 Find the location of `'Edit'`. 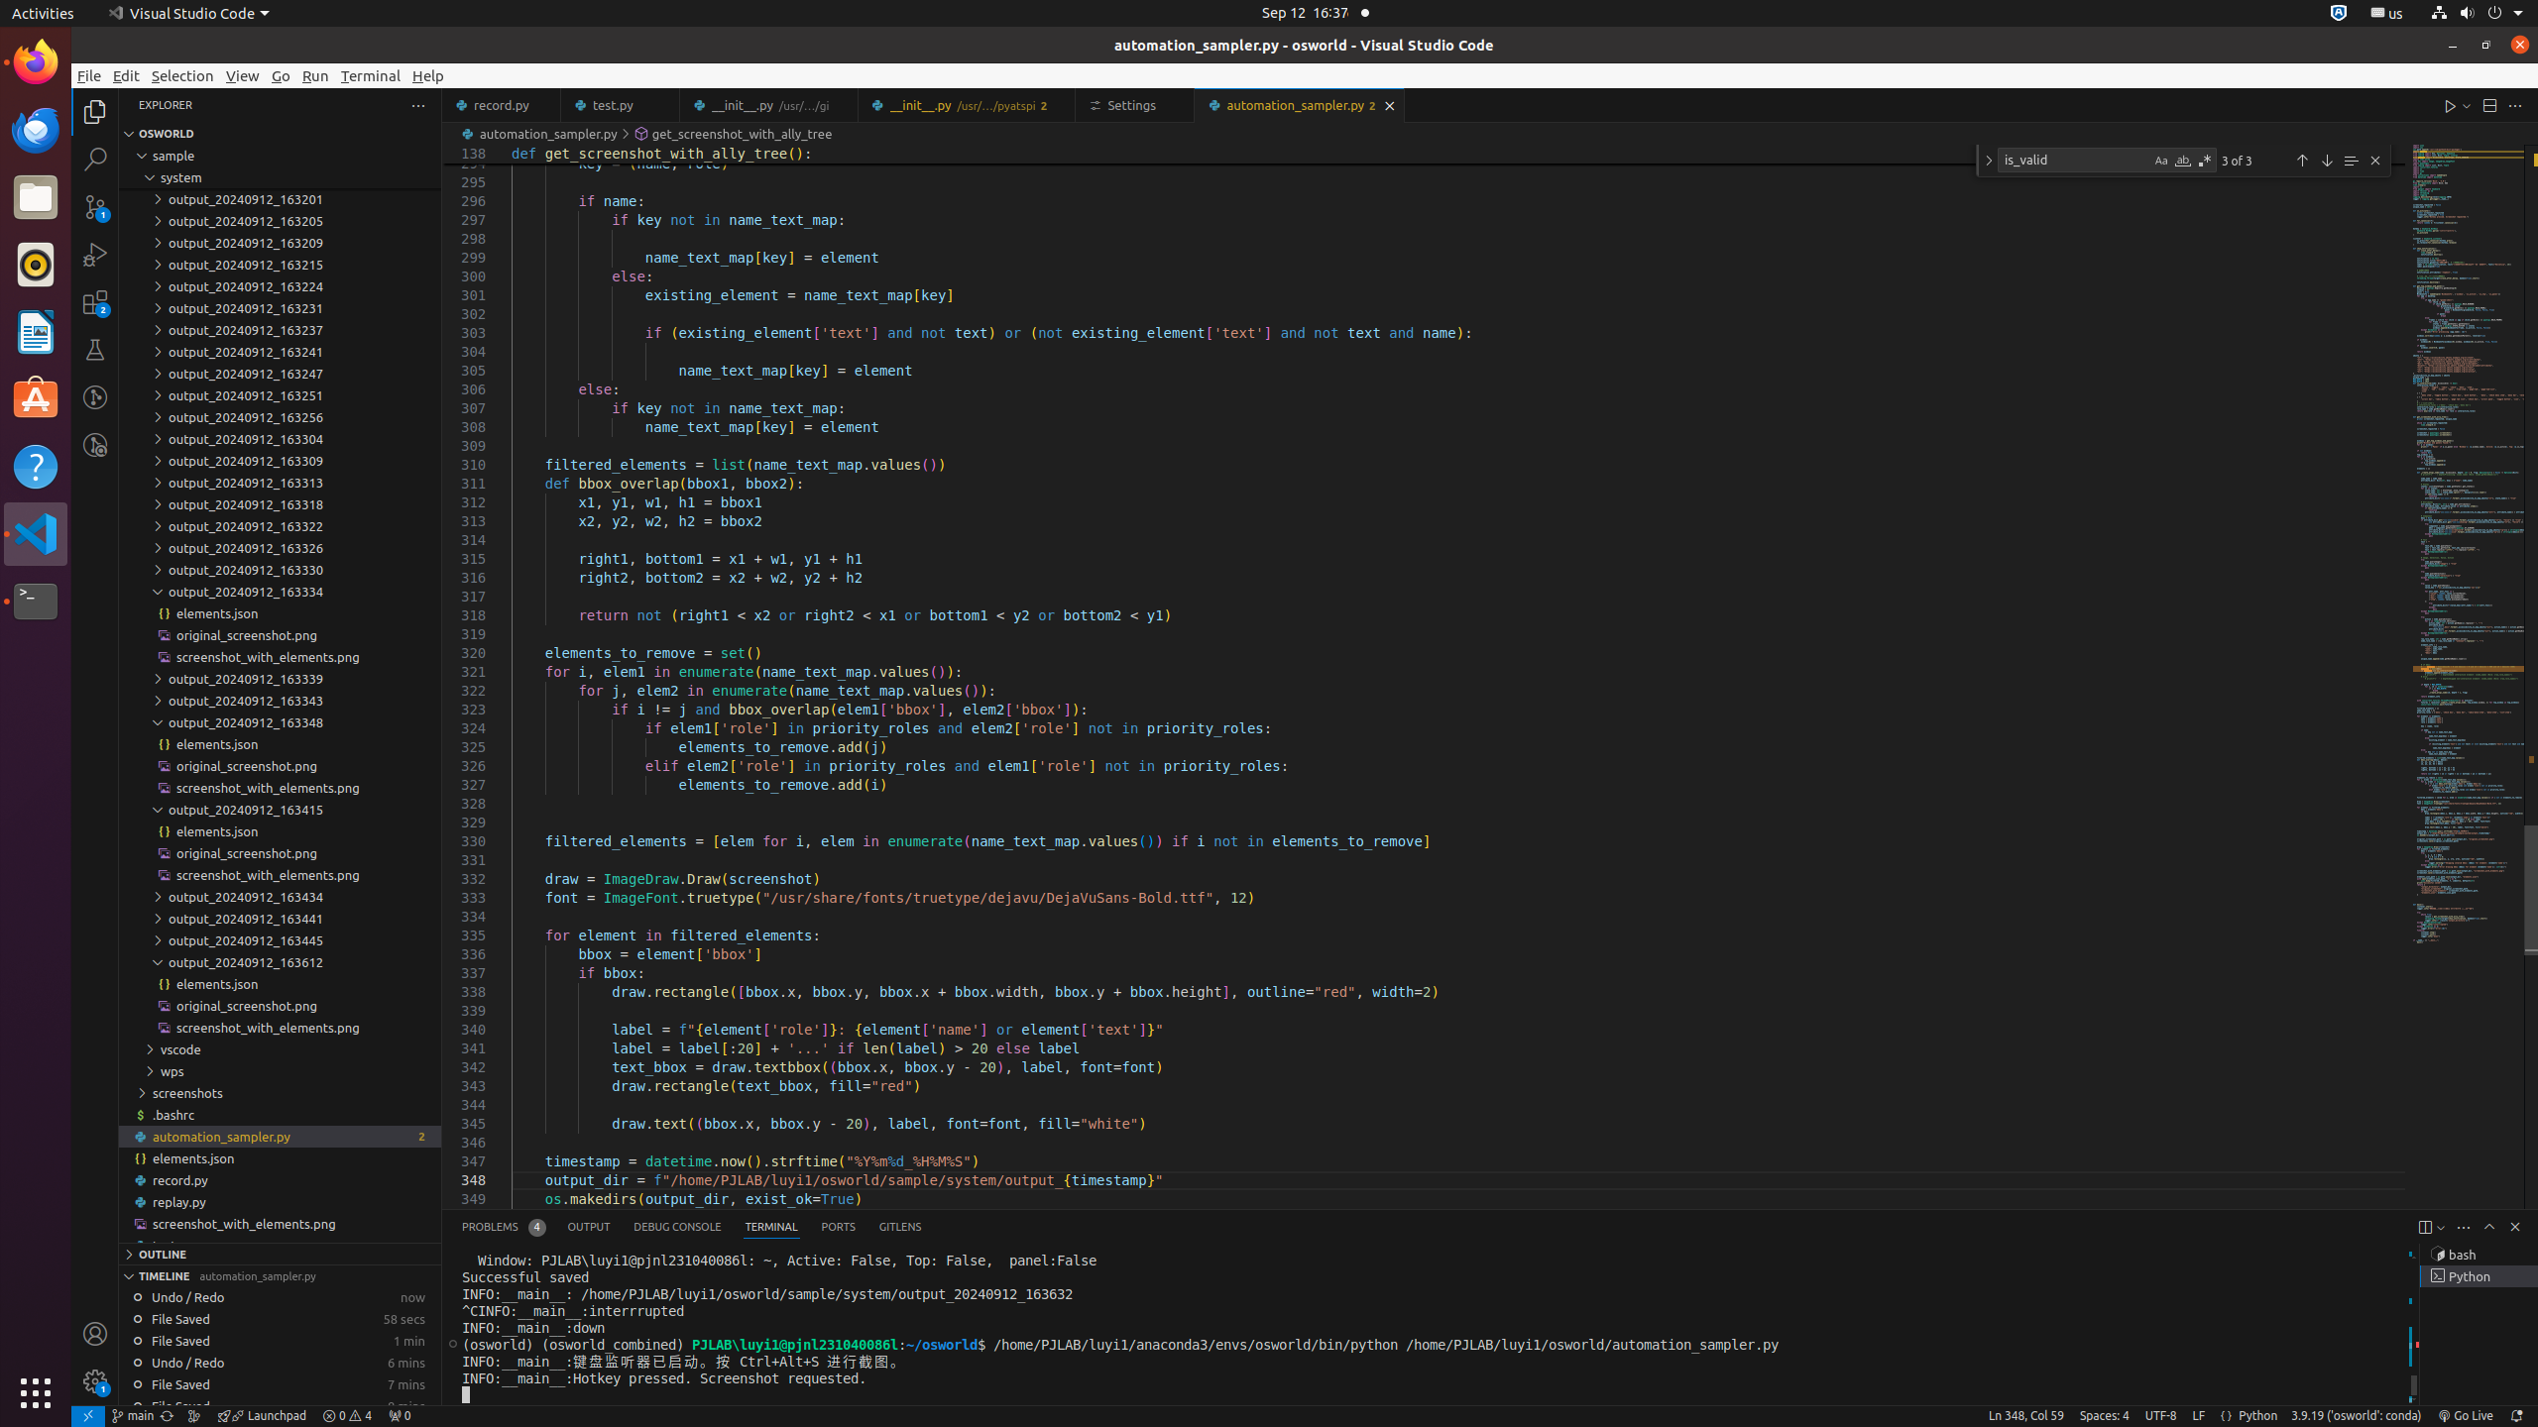

'Edit' is located at coordinates (125, 75).